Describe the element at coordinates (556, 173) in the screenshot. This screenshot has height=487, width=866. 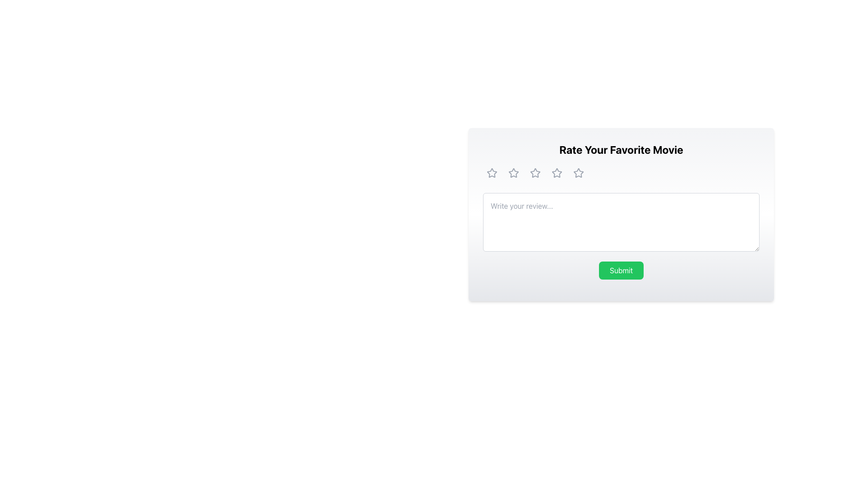
I see `the fourth star icon in the row of five rating stars` at that location.